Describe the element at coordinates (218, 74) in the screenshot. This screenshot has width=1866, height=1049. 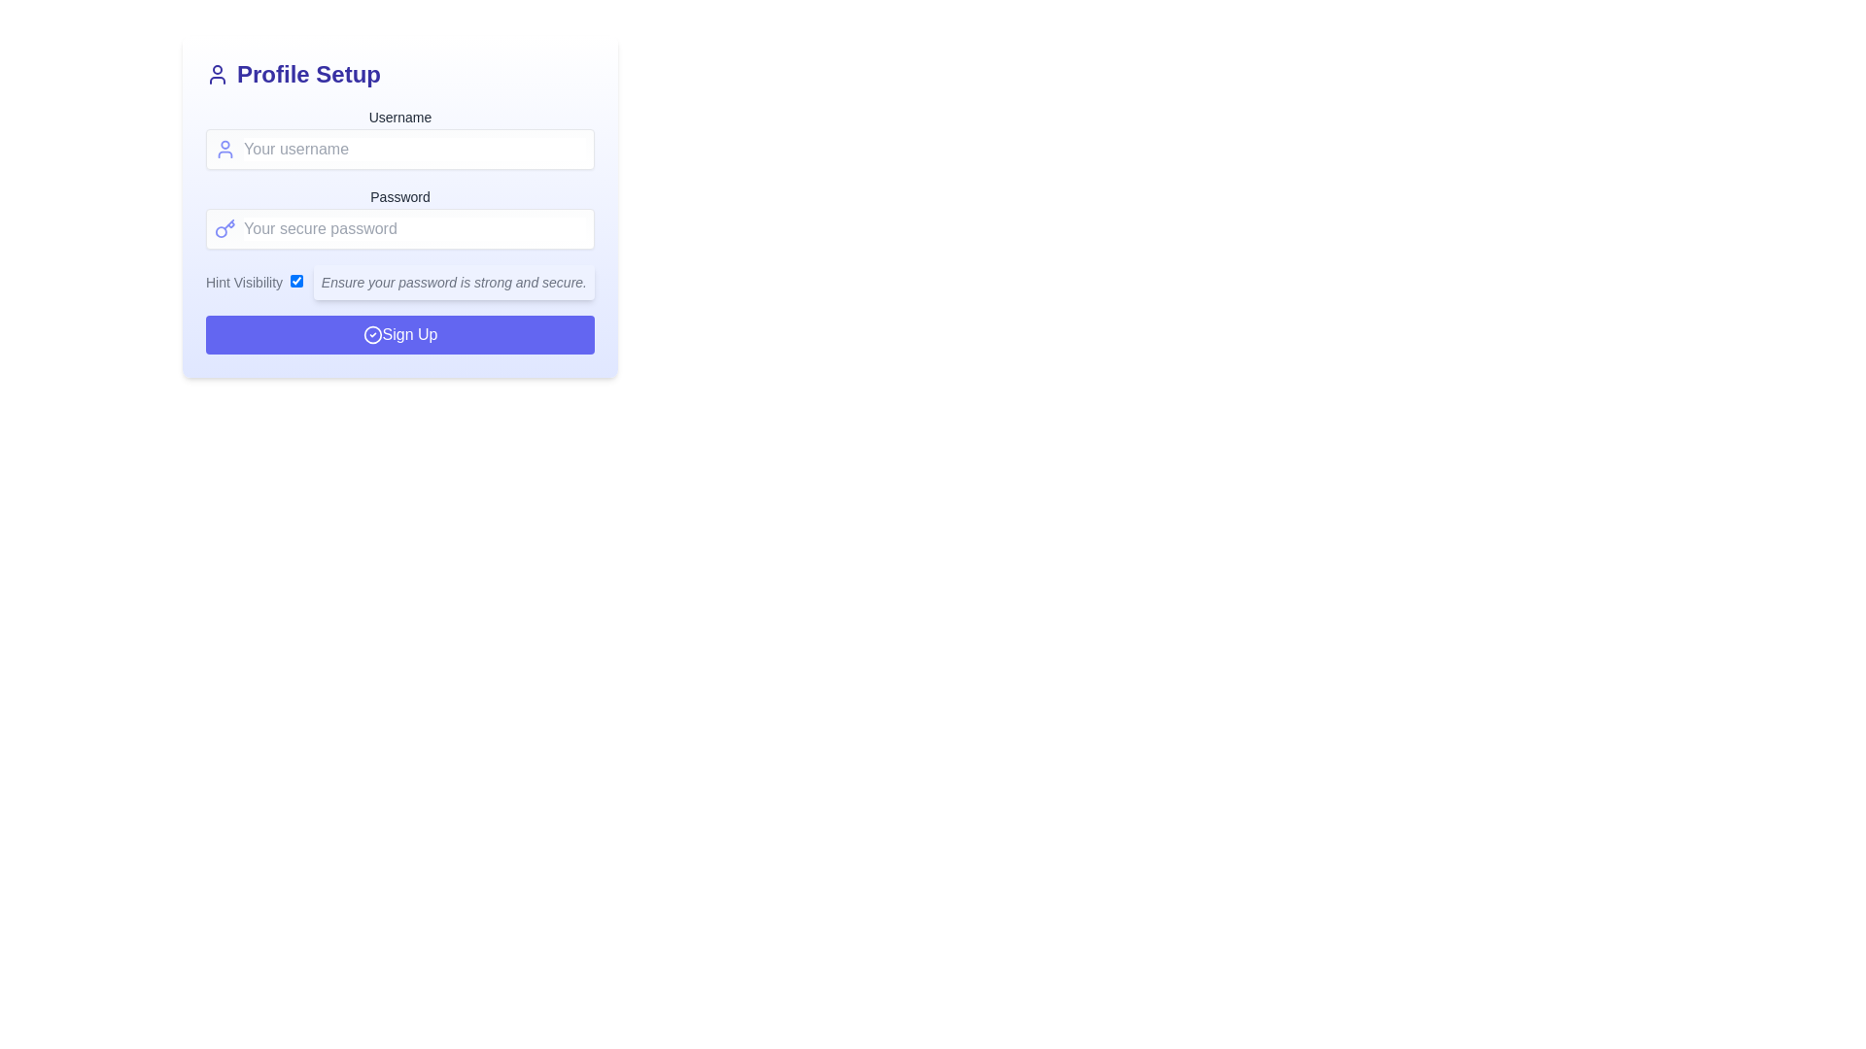
I see `the user profile icon, which is a silhouette-style graphical element located to the left of the 'Profile Setup' title` at that location.